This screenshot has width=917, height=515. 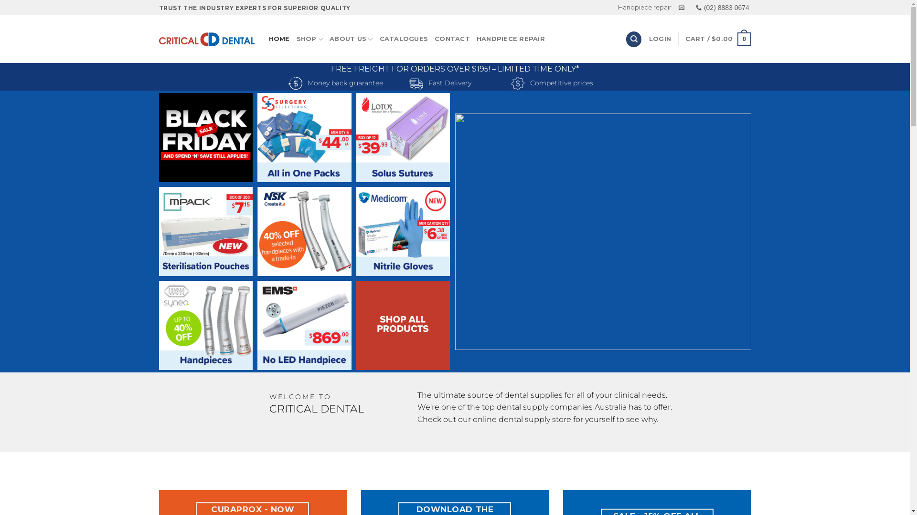 What do you see at coordinates (722, 7) in the screenshot?
I see `'(02) 8883 0674'` at bounding box center [722, 7].